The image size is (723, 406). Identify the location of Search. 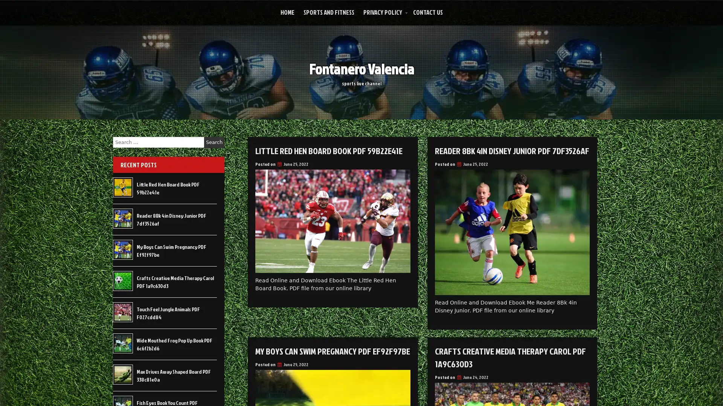
(214, 142).